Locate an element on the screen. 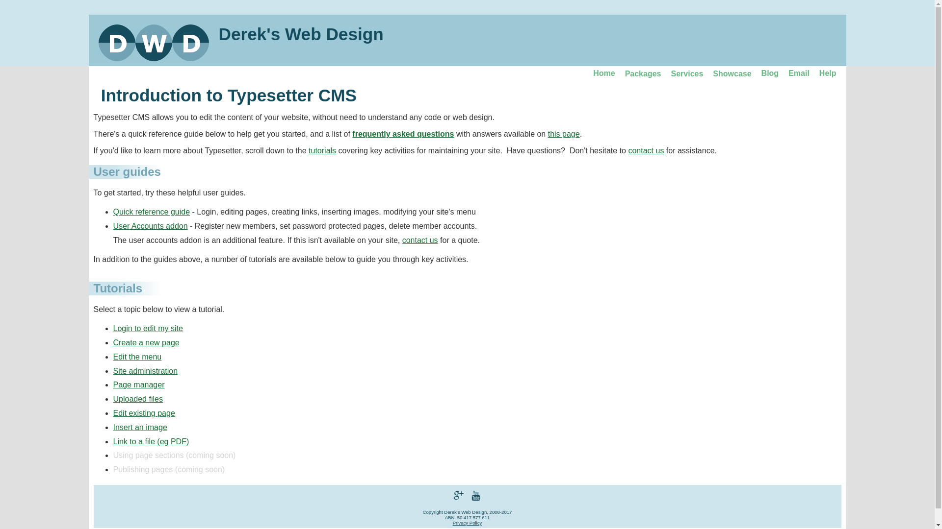  'Packages' is located at coordinates (643, 73).